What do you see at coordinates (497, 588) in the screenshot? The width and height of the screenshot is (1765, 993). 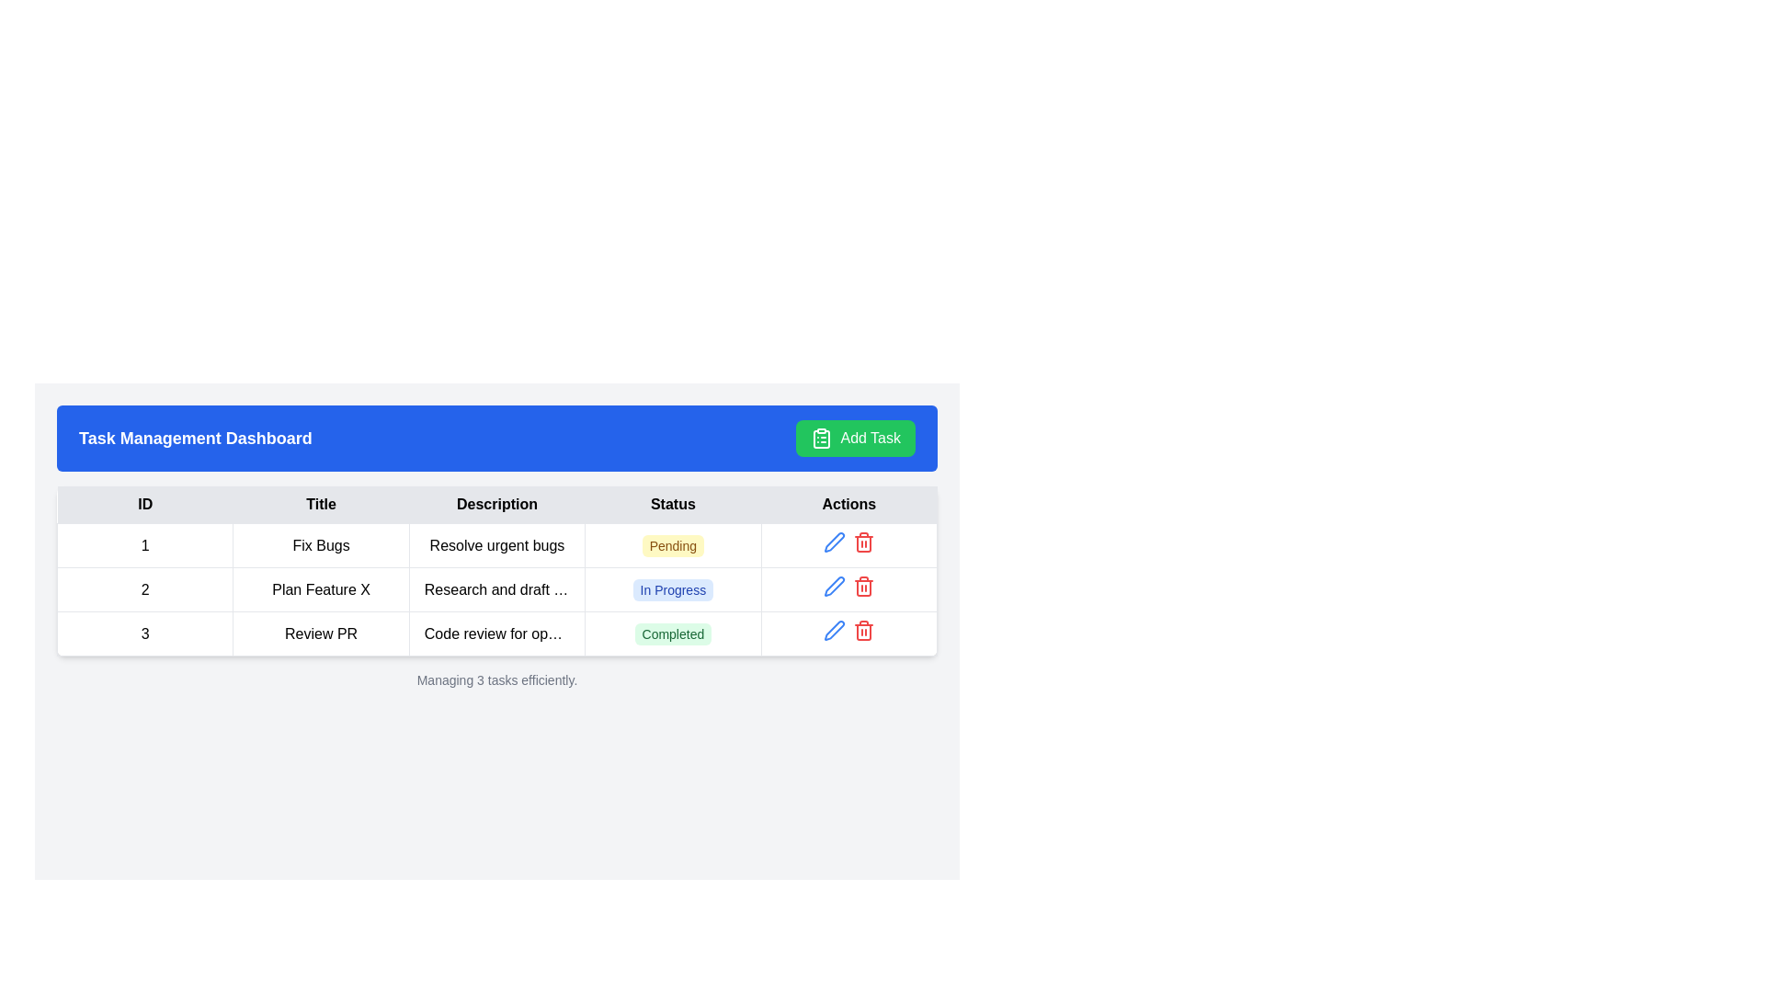 I see `details of the task represented by the second row in the task management table, which includes Task ID '2', Title 'Plan Feature X', Description 'Research and draft specs', and Status 'In Progress'` at bounding box center [497, 588].